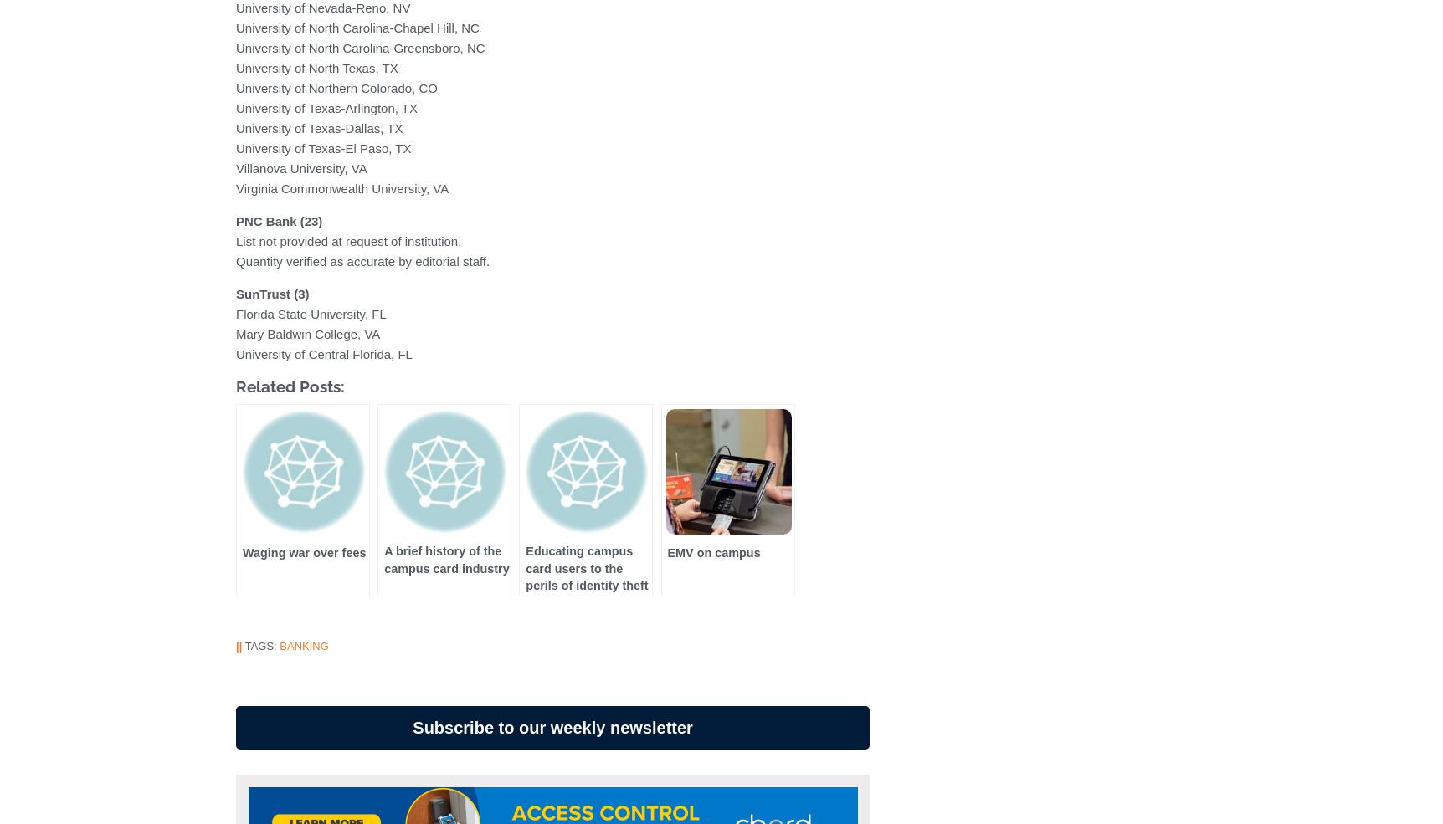  I want to click on 'TAGS:', so click(241, 646).